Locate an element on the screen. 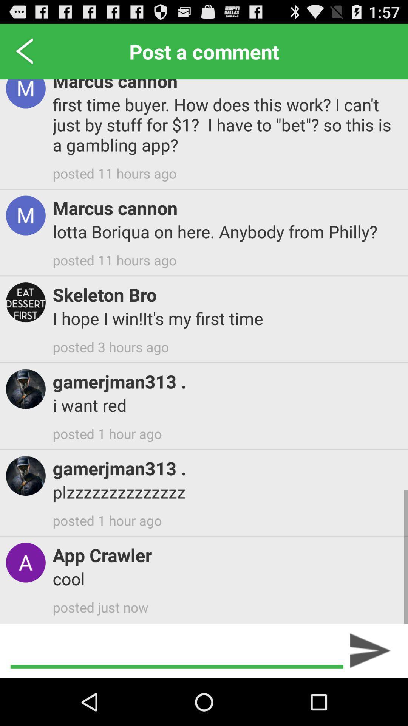 This screenshot has width=408, height=726. the icon at the bottom right corner is located at coordinates (370, 650).